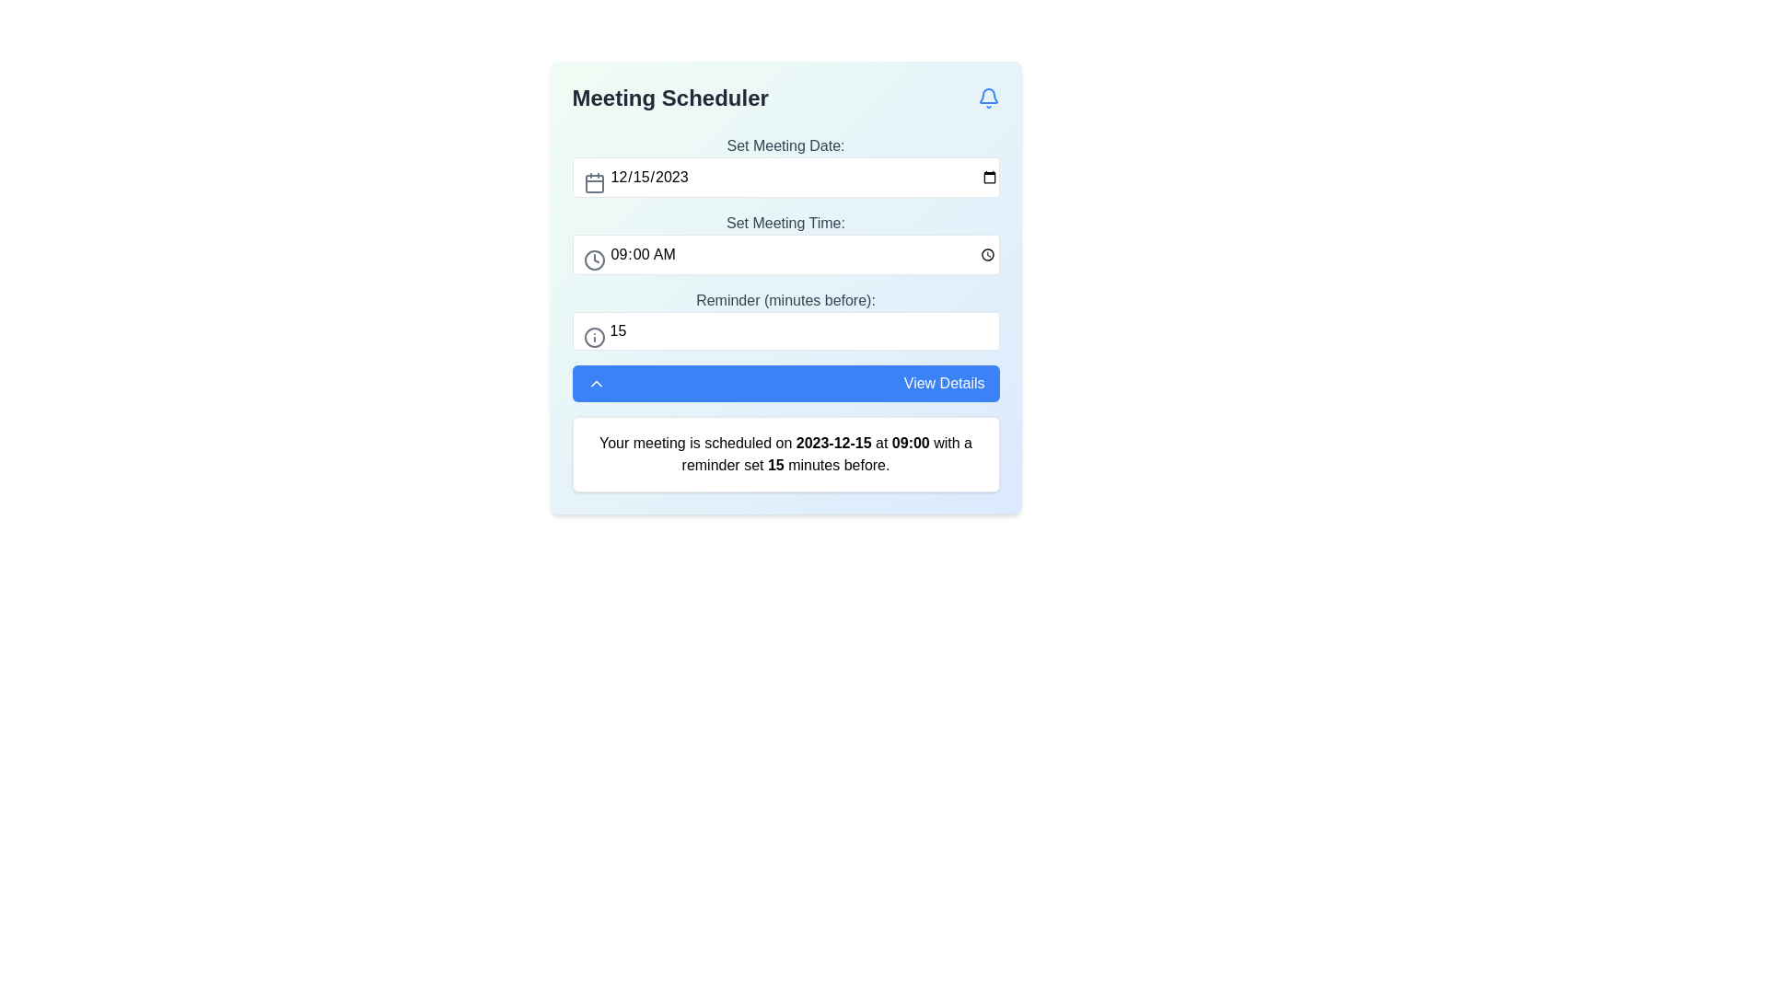  What do you see at coordinates (785, 243) in the screenshot?
I see `the Time input field located below the 'Set Meeting Date:' section` at bounding box center [785, 243].